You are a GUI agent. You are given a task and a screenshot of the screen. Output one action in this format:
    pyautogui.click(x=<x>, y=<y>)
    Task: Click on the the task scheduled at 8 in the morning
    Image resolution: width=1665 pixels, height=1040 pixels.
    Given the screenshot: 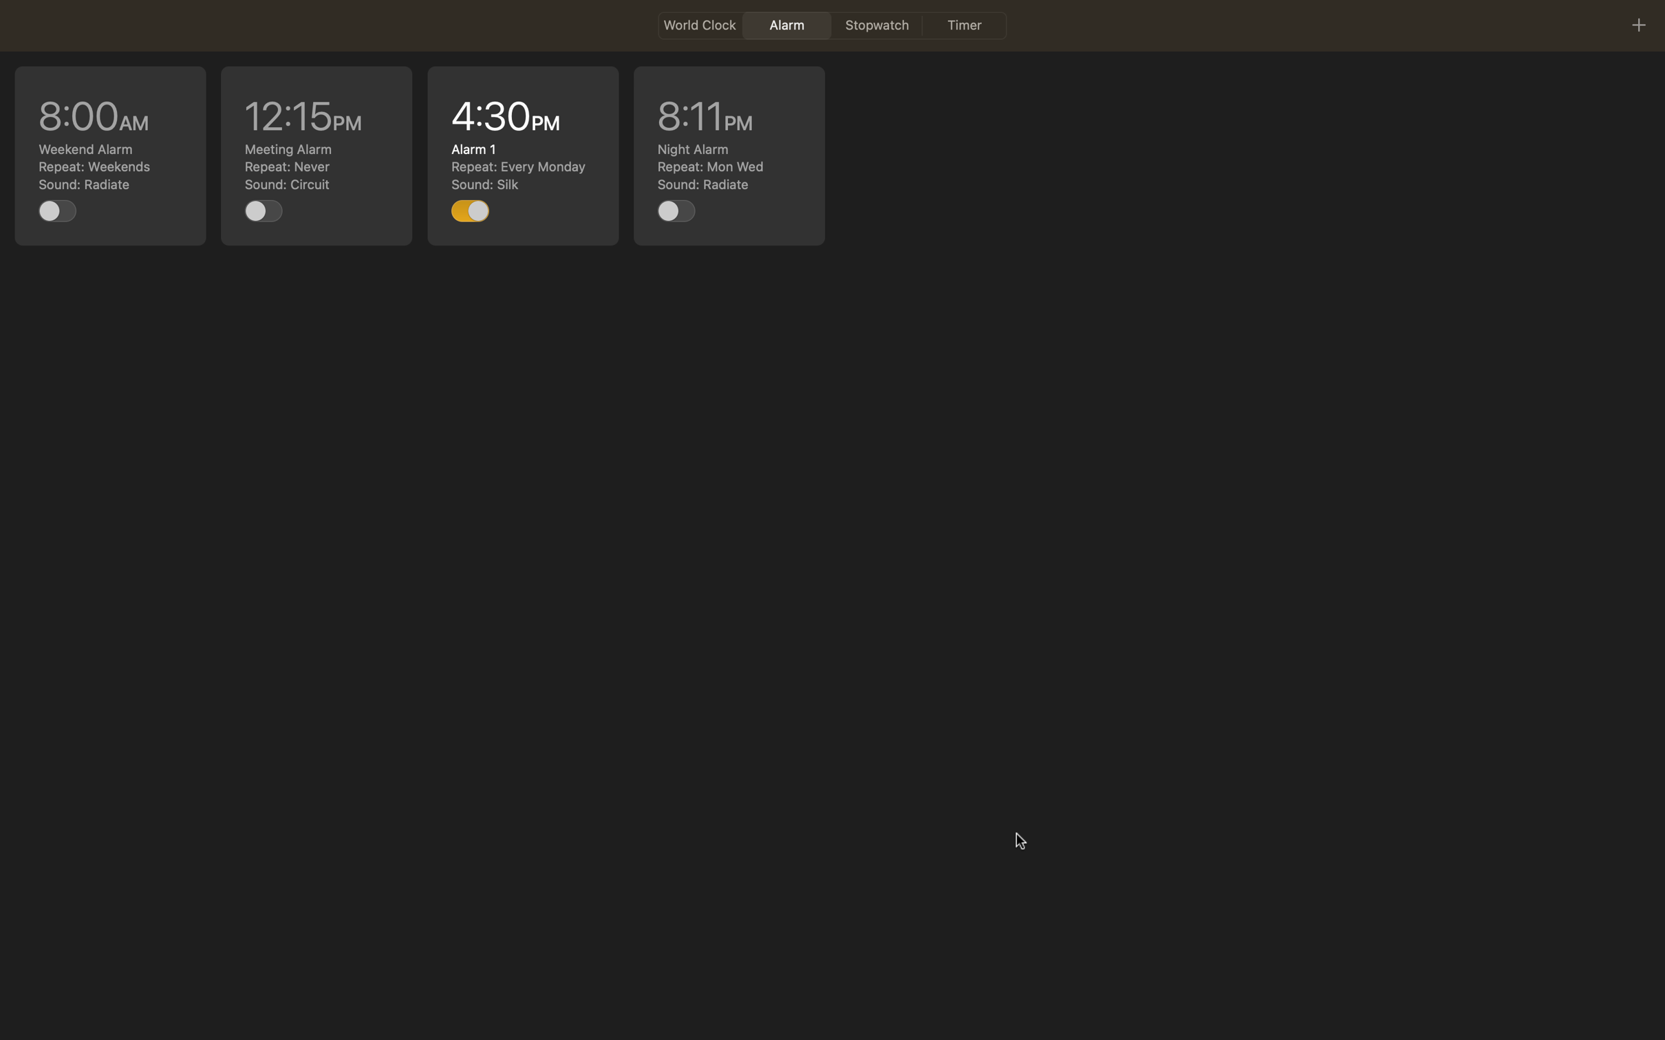 What is the action you would take?
    pyautogui.click(x=111, y=155)
    